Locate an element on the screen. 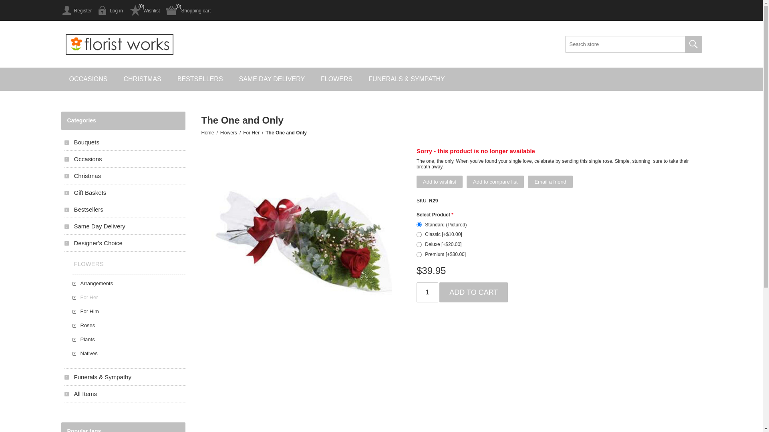 The width and height of the screenshot is (769, 432). 'Natives' is located at coordinates (129, 353).